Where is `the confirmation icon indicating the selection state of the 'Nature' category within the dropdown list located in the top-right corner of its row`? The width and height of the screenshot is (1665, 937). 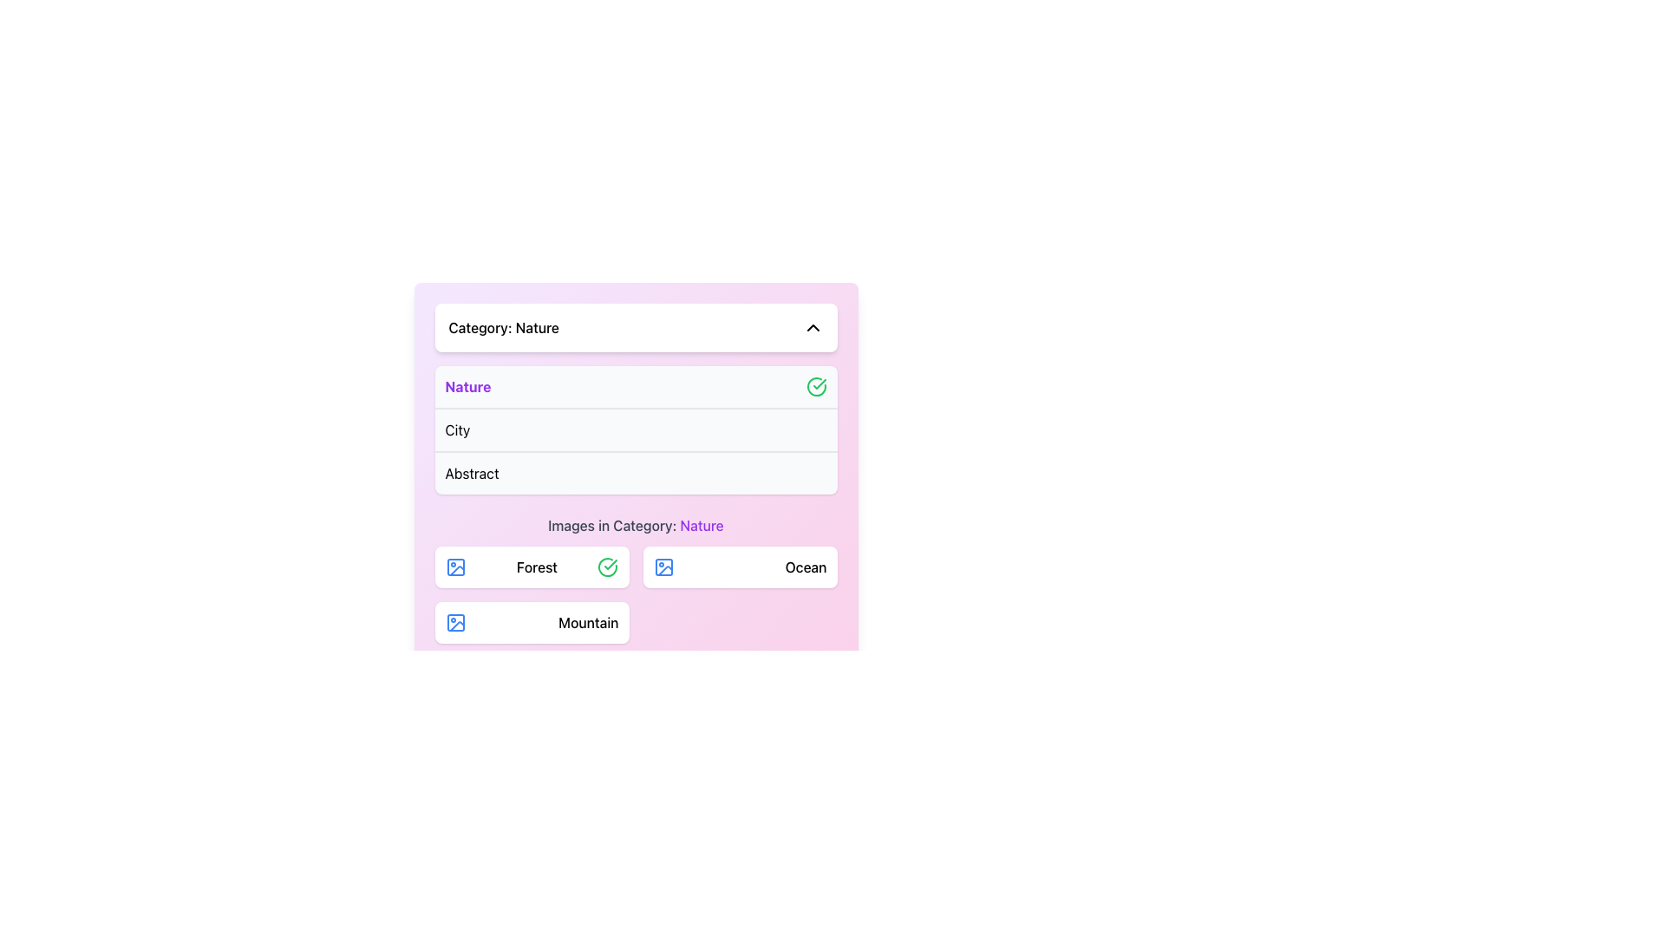 the confirmation icon indicating the selection state of the 'Nature' category within the dropdown list located in the top-right corner of its row is located at coordinates (815, 386).